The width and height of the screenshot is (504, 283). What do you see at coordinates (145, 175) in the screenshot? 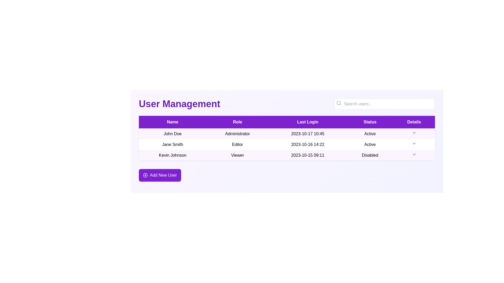
I see `the visual representation of the addition icon located to the left of the 'Add New User' button at the bottom left of the user management interface` at bounding box center [145, 175].